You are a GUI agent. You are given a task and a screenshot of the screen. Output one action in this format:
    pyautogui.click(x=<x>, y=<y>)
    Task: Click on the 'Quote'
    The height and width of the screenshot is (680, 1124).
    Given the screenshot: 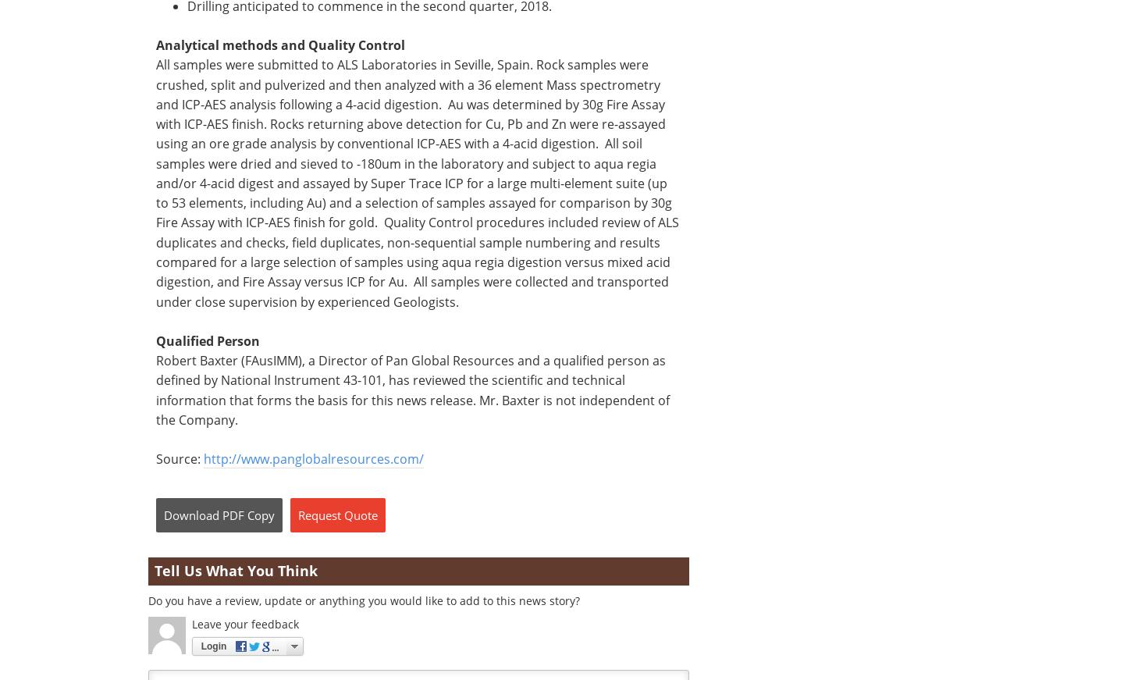 What is the action you would take?
    pyautogui.click(x=361, y=514)
    